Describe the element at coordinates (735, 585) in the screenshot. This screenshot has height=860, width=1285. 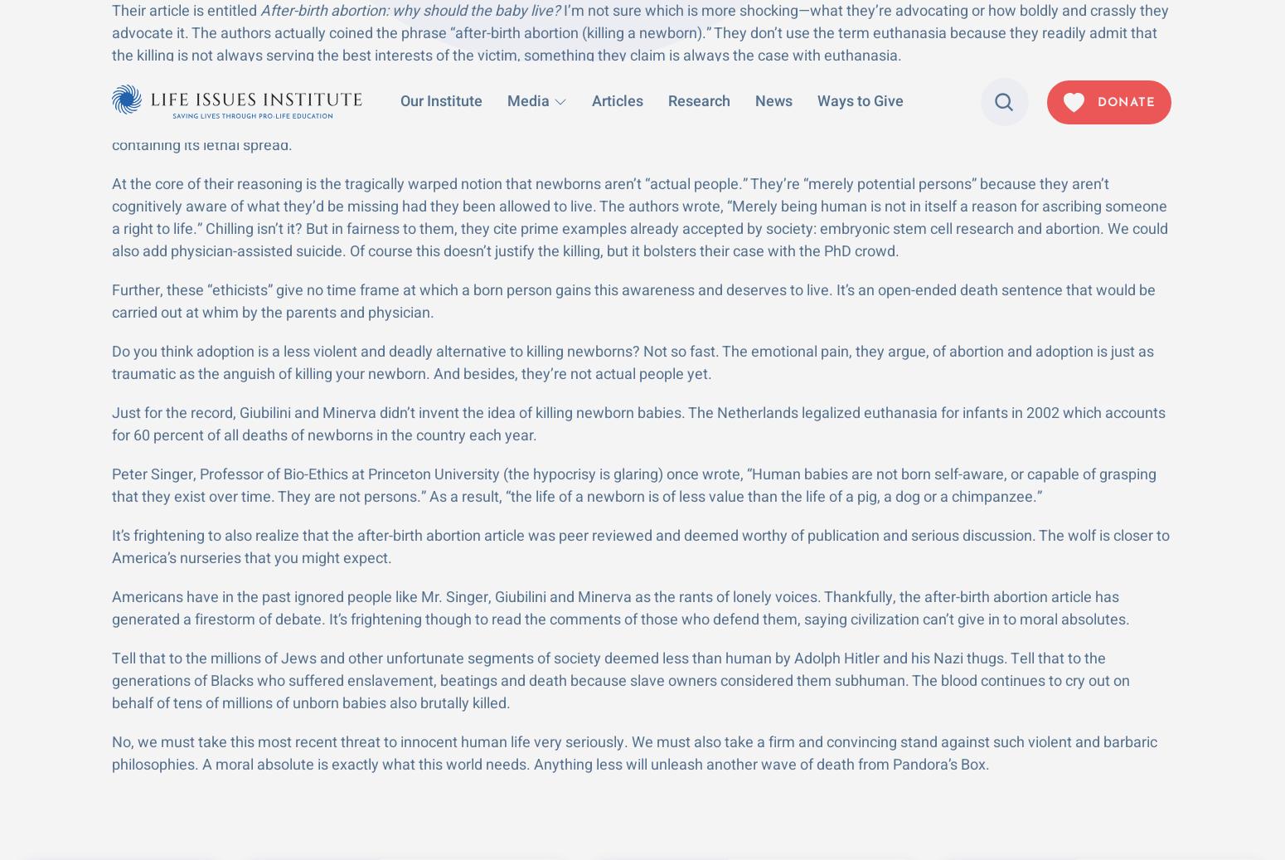
I see `'Our Institute'` at that location.